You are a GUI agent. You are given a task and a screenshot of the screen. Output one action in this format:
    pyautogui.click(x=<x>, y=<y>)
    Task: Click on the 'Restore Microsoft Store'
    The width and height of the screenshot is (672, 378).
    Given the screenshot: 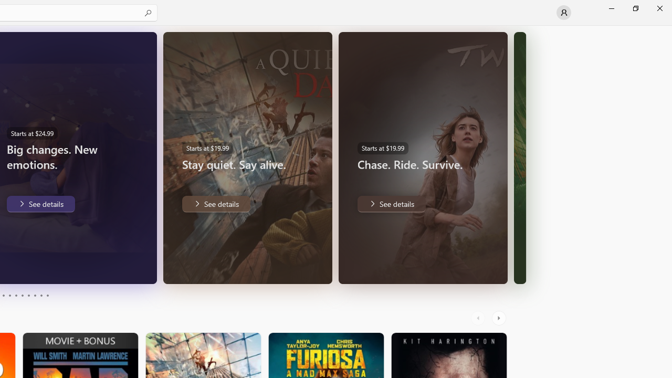 What is the action you would take?
    pyautogui.click(x=635, y=8)
    